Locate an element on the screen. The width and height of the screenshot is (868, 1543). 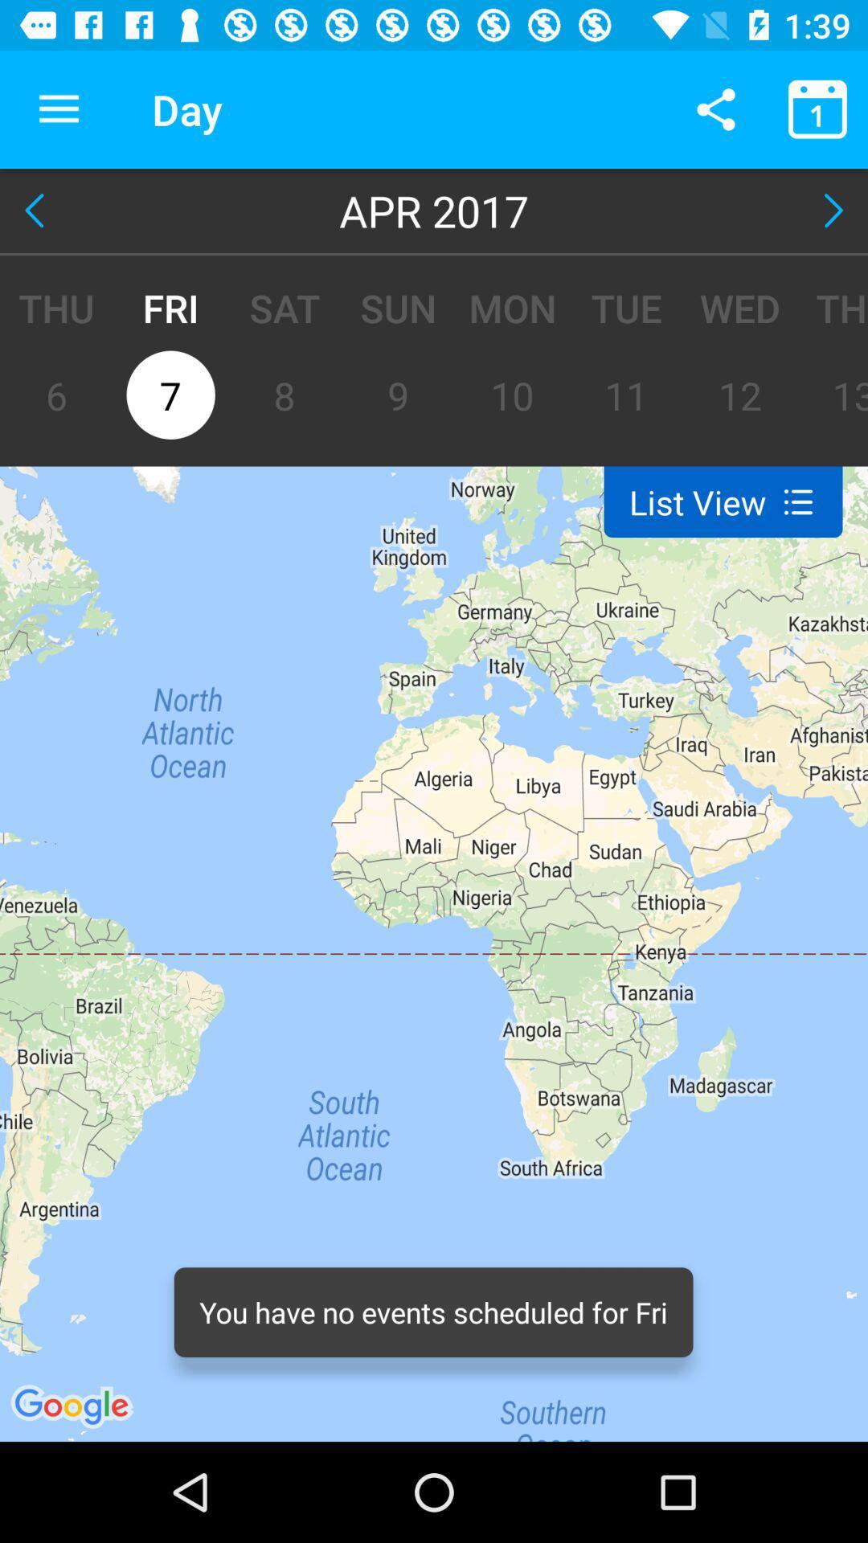
the item next to apr 2017 item is located at coordinates (37, 210).